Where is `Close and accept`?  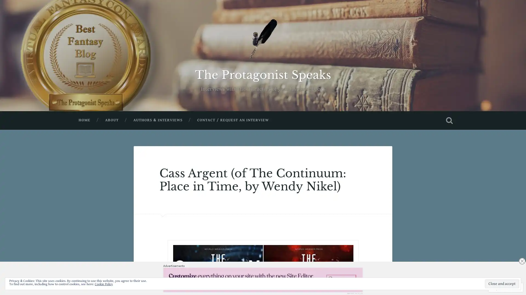 Close and accept is located at coordinates (502, 283).